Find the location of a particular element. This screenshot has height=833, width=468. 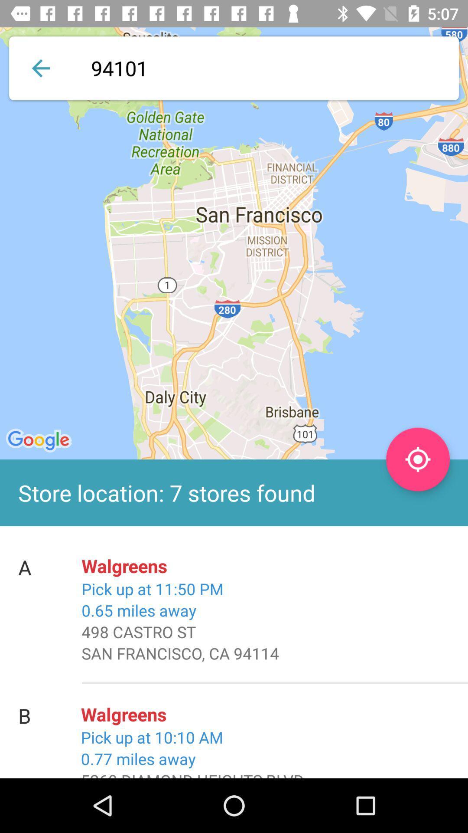

the location_crosshair icon is located at coordinates (417, 459).